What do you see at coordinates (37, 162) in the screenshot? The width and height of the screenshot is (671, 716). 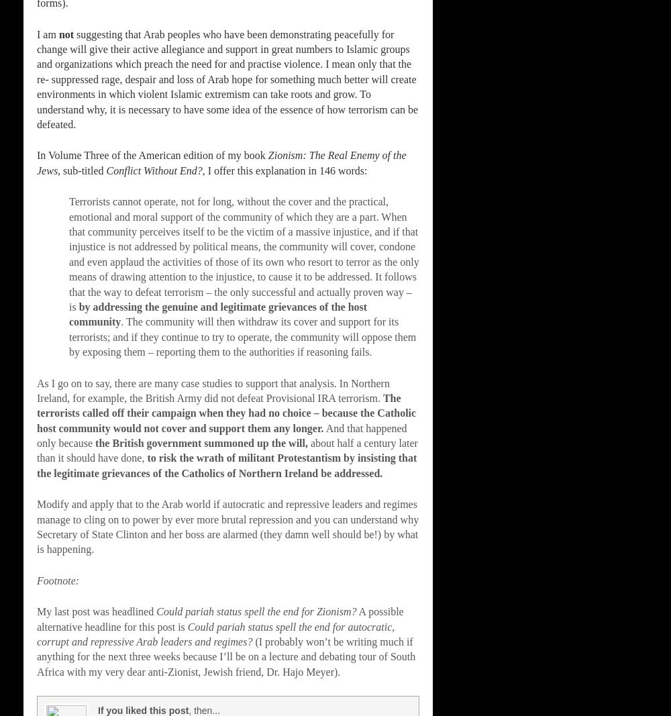 I see `'Zionism: The Real Enemy of the Jews'` at bounding box center [37, 162].